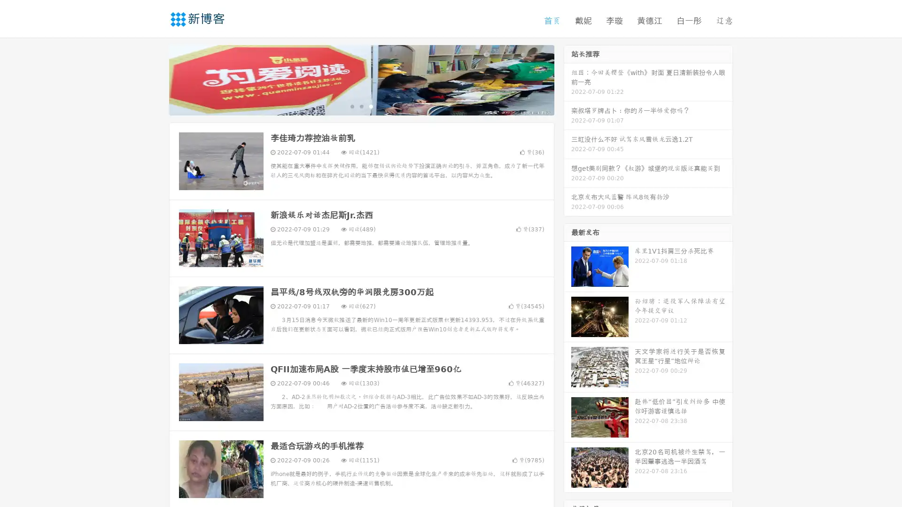 This screenshot has width=902, height=507. I want to click on Go to slide 3, so click(371, 106).